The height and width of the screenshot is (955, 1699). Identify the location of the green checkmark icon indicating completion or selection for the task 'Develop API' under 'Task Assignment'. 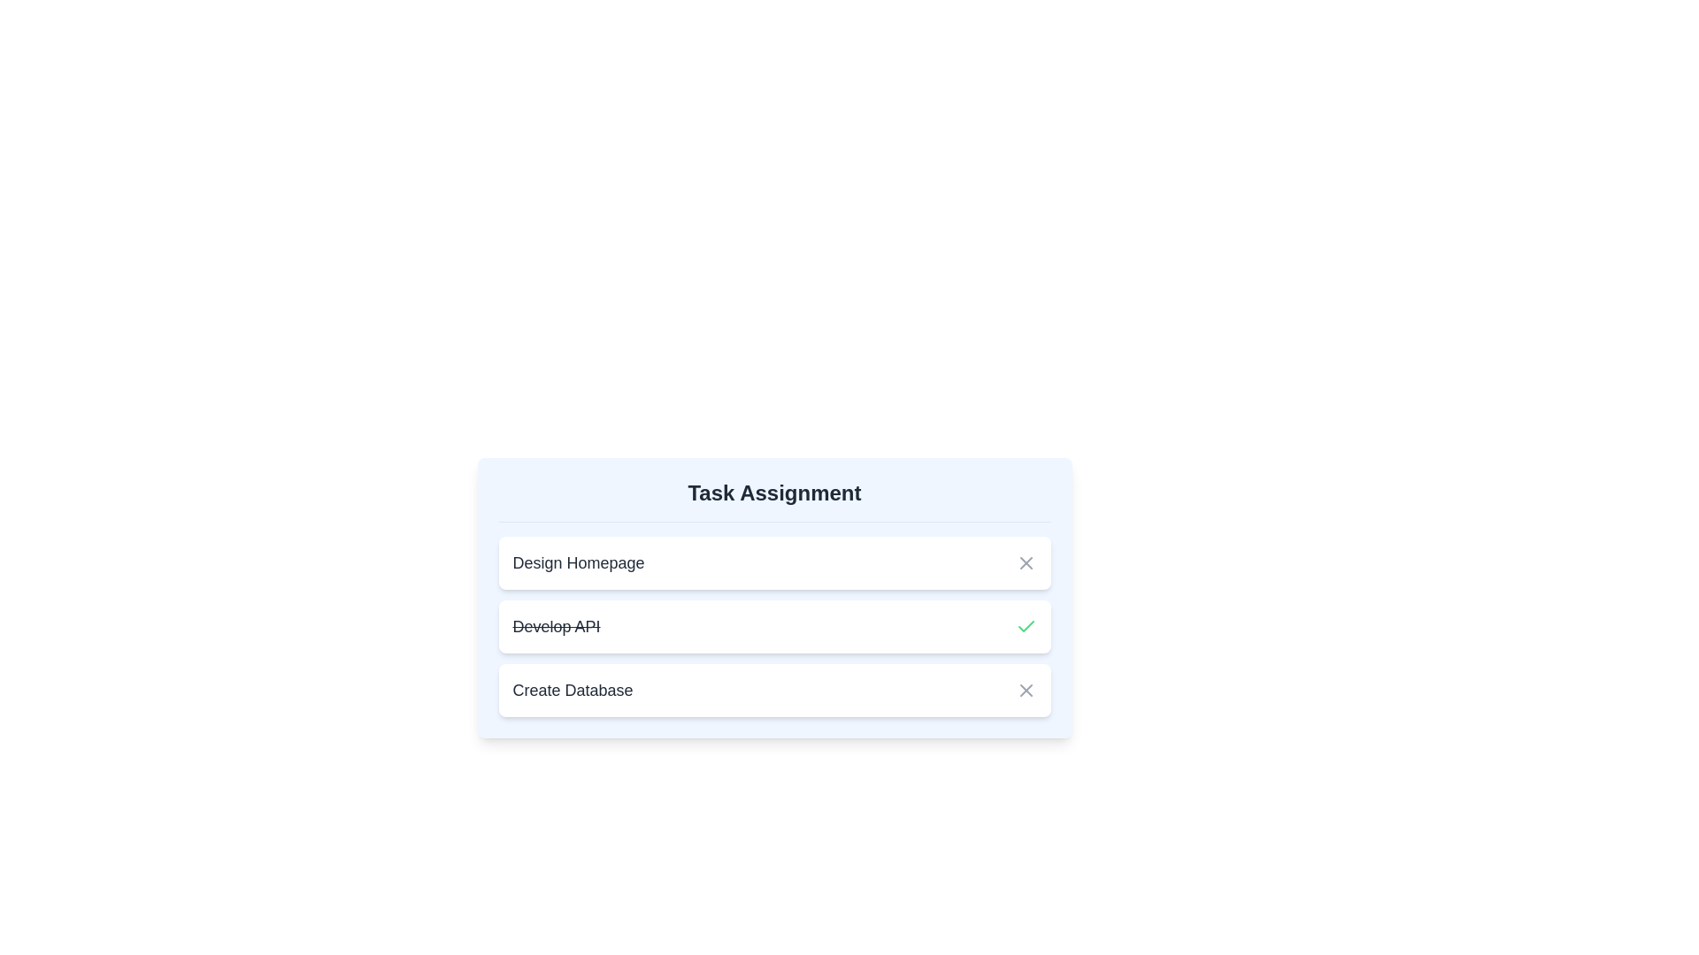
(1026, 626).